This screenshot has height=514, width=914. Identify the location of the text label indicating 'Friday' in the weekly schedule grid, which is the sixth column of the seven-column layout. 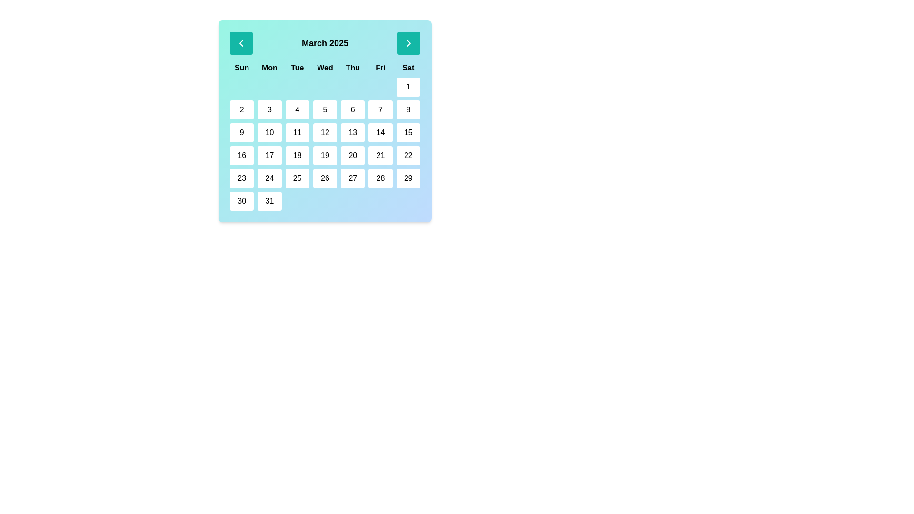
(380, 67).